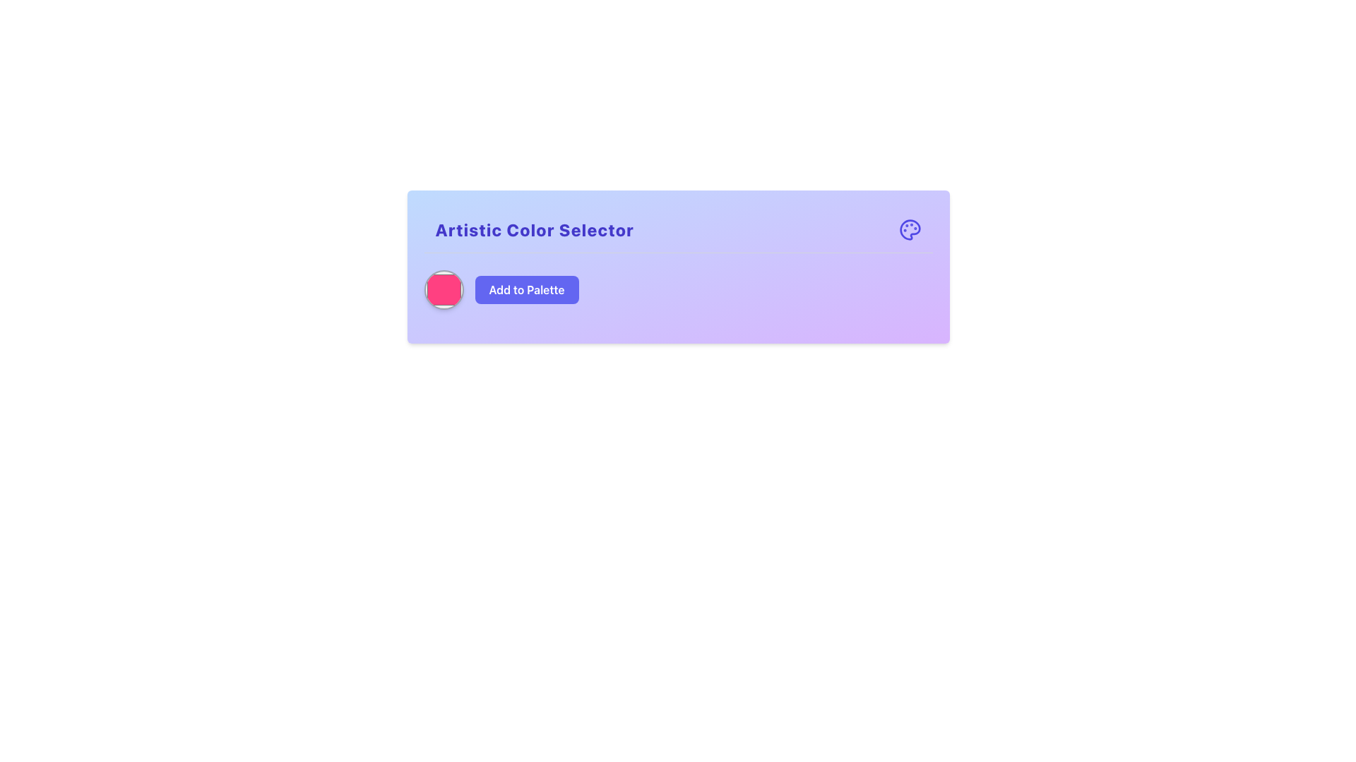  What do you see at coordinates (910, 229) in the screenshot?
I see `the artist's palette icon located at the top-right corner of the 'Artistic Color Selector' card header` at bounding box center [910, 229].